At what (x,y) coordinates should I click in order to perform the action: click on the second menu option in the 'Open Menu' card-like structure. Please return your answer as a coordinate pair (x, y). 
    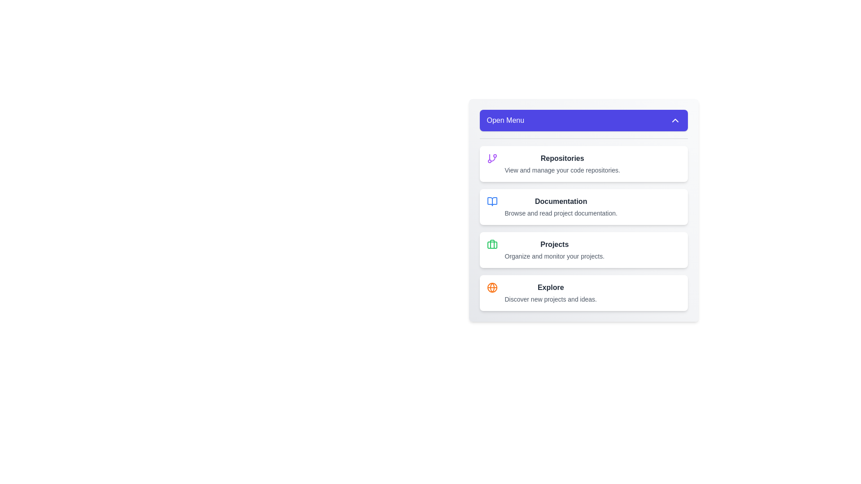
    Looking at the image, I should click on (561, 207).